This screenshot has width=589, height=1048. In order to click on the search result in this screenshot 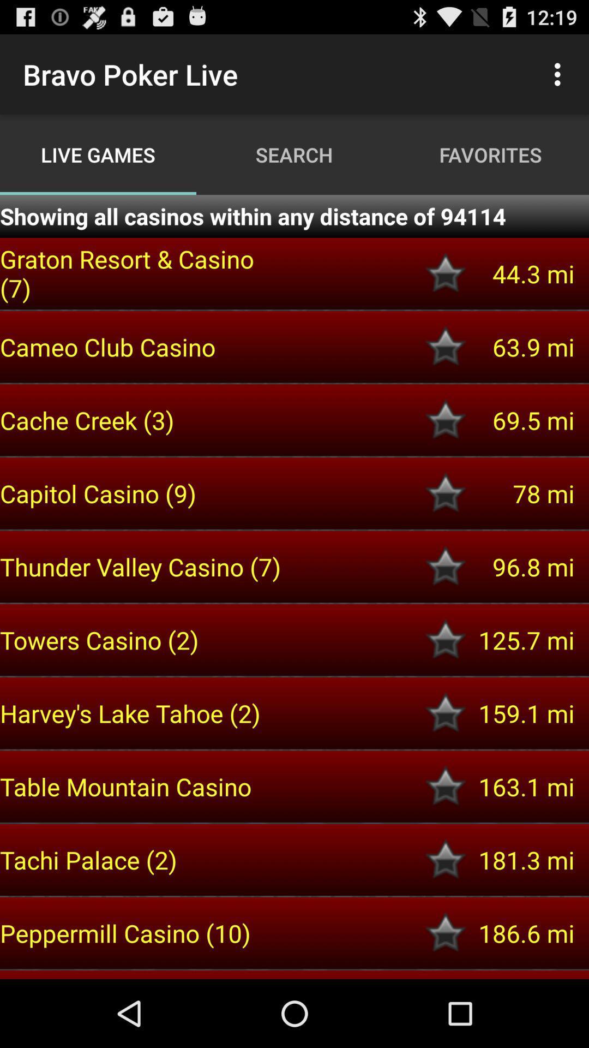, I will do `click(446, 859)`.